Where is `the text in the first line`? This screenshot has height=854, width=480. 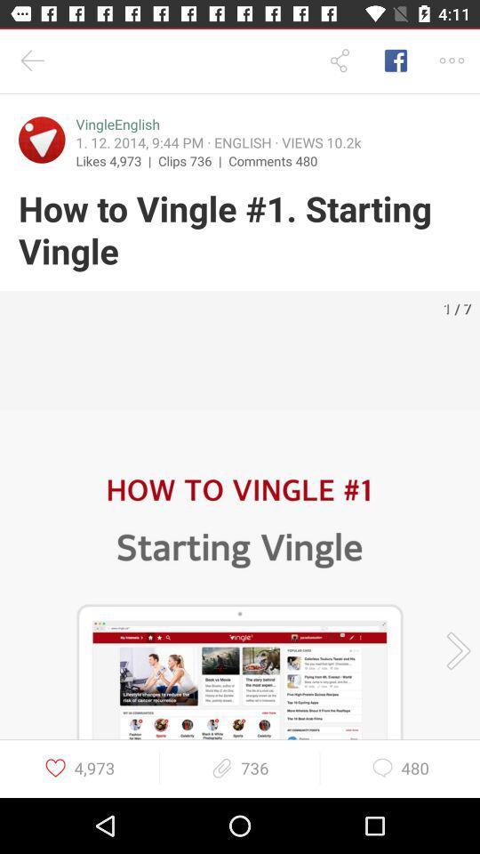
the text in the first line is located at coordinates (118, 124).